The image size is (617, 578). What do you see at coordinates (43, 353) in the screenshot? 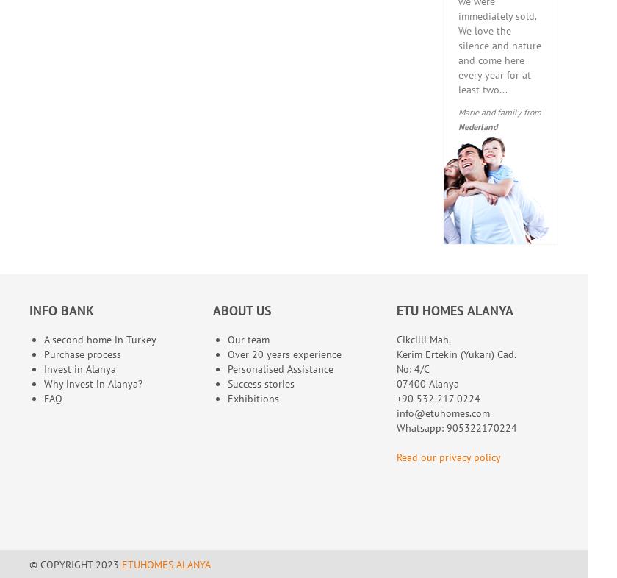
I see `'Purchase process'` at bounding box center [43, 353].